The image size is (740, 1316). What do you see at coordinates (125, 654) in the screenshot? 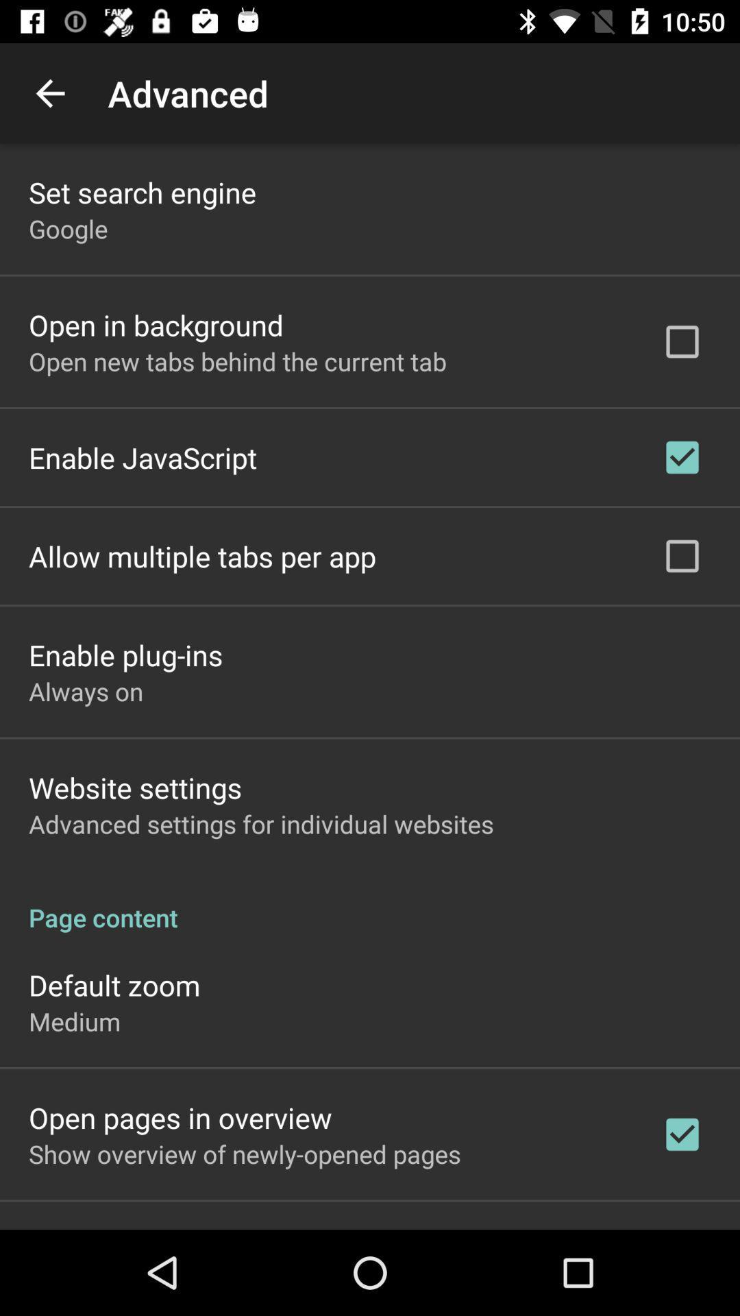
I see `app above the always on app` at bounding box center [125, 654].